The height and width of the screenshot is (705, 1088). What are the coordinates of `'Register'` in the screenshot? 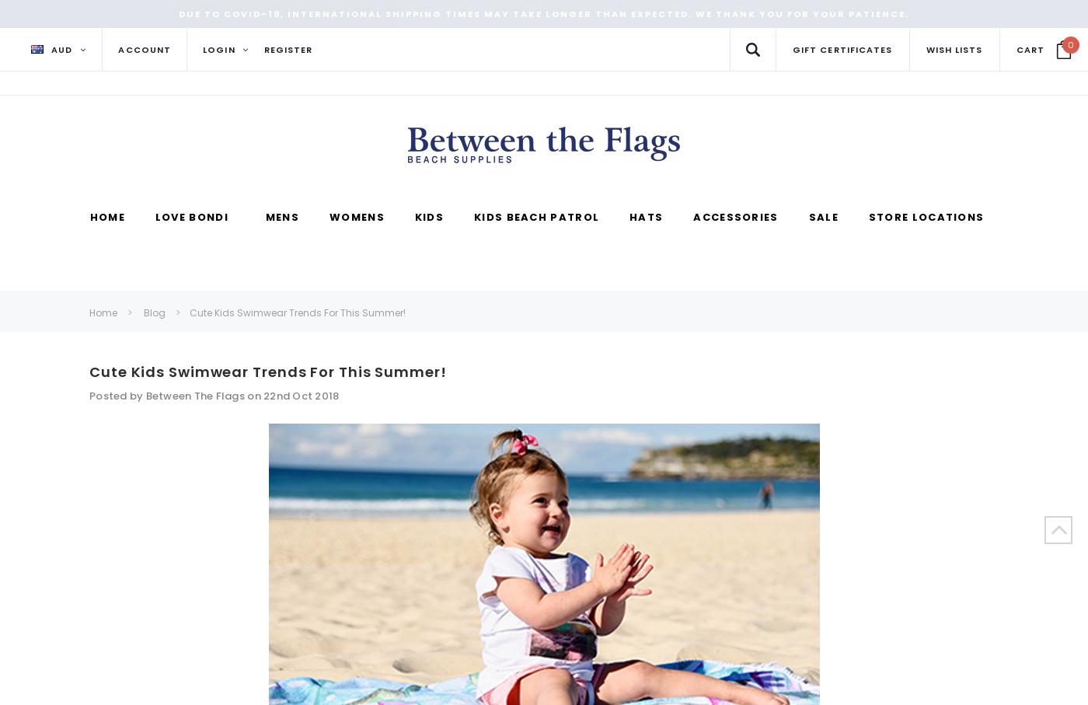 It's located at (263, 49).